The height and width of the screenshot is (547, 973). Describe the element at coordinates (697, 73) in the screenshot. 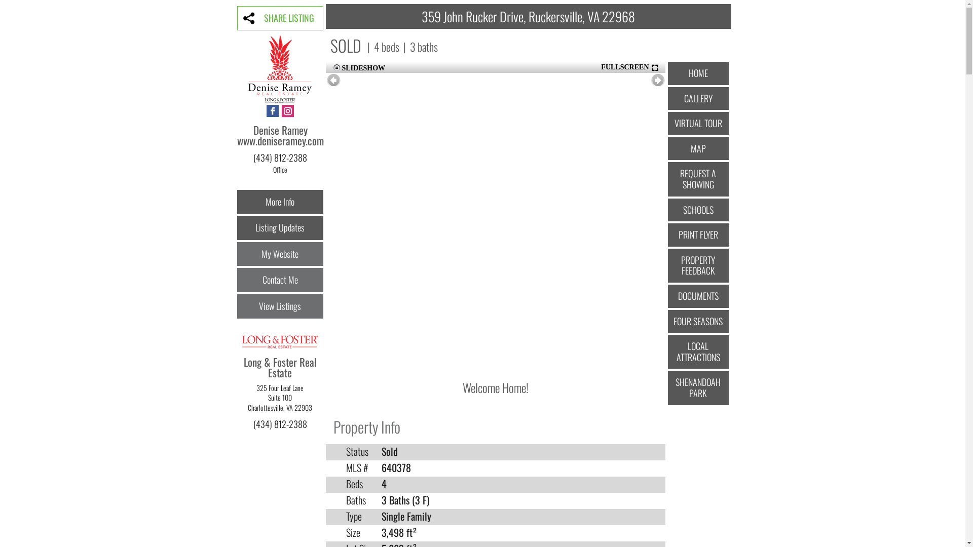

I see `'HOME'` at that location.